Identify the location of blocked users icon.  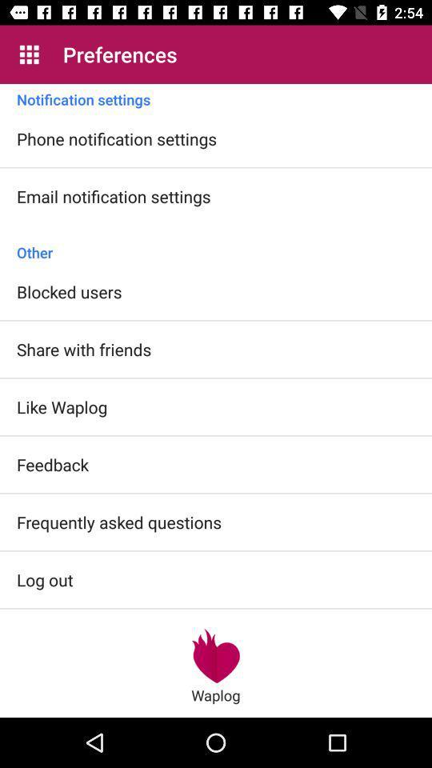
(68, 290).